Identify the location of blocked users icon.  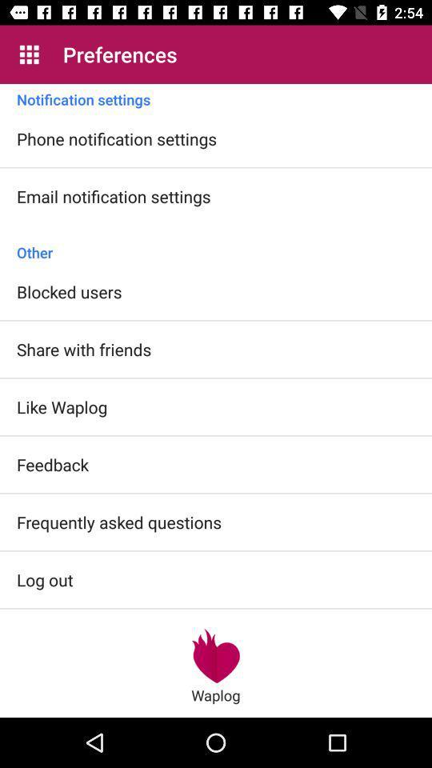
(68, 290).